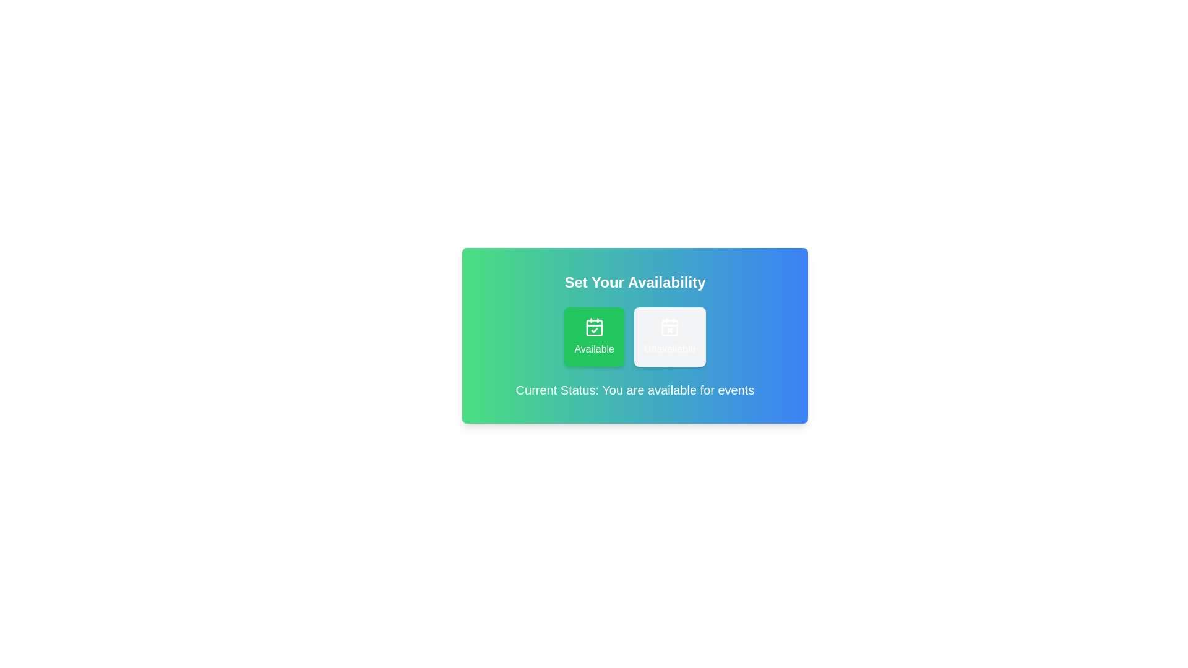 The image size is (1188, 668). Describe the element at coordinates (594, 336) in the screenshot. I see `the button labeled Available to observe visual feedback` at that location.